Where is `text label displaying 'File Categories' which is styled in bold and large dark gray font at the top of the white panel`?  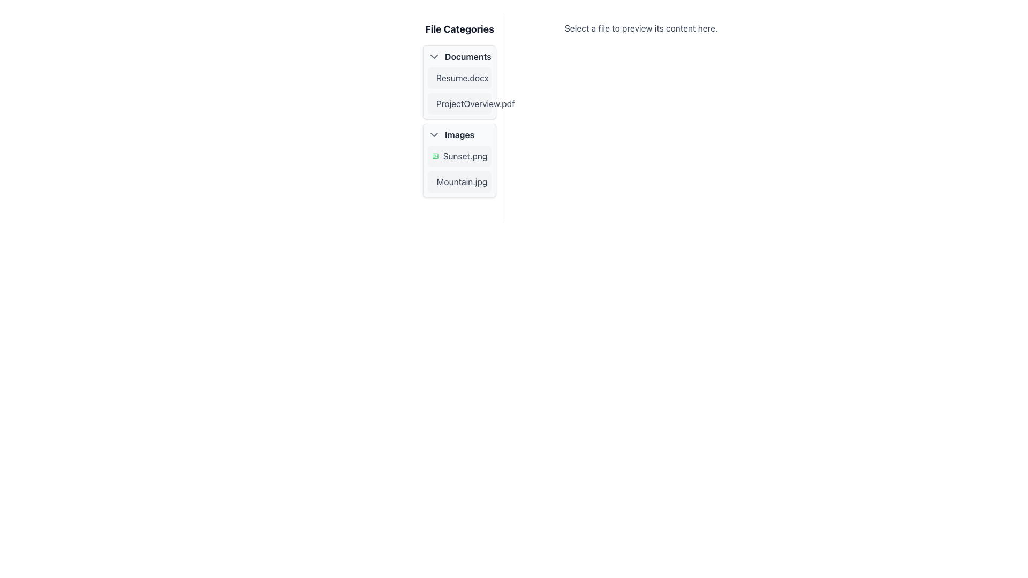
text label displaying 'File Categories' which is styled in bold and large dark gray font at the top of the white panel is located at coordinates (459, 28).